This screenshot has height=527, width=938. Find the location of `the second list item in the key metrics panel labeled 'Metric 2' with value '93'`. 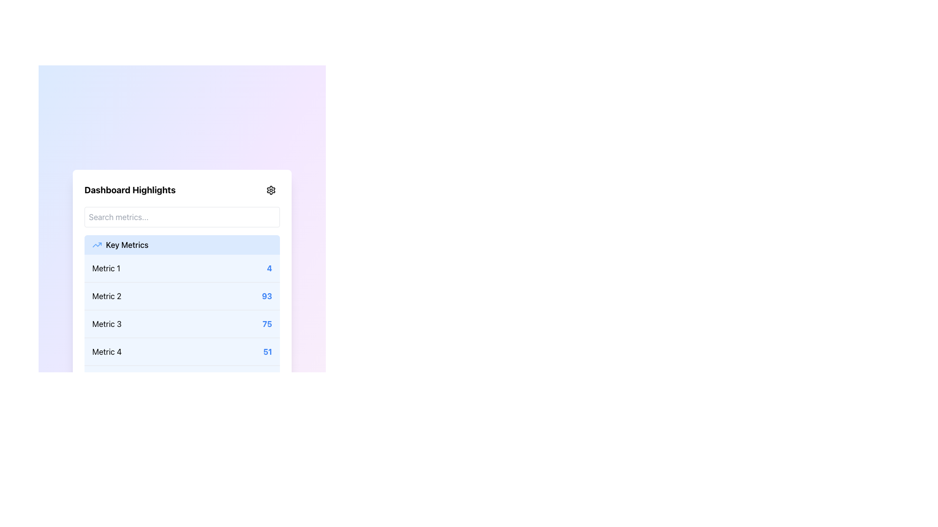

the second list item in the key metrics panel labeled 'Metric 2' with value '93' is located at coordinates (182, 295).